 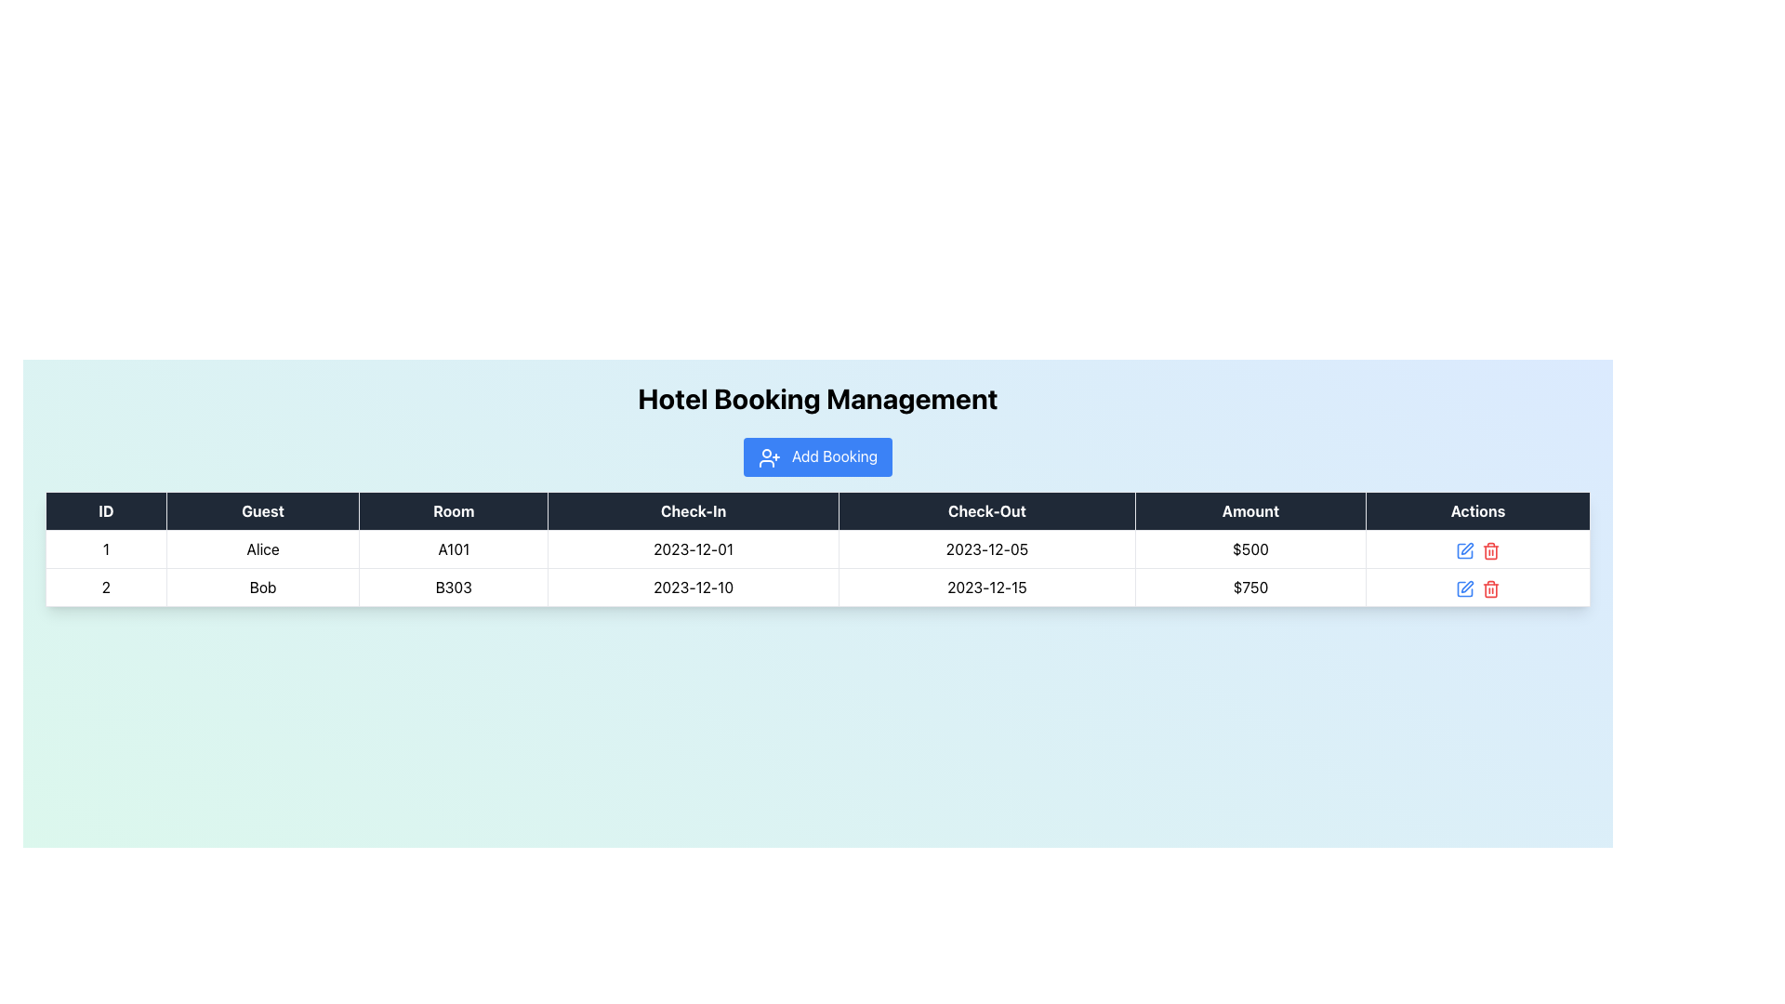 What do you see at coordinates (1463, 548) in the screenshot?
I see `the edit button icon located in the second row of the table under the 'Actions' column` at bounding box center [1463, 548].